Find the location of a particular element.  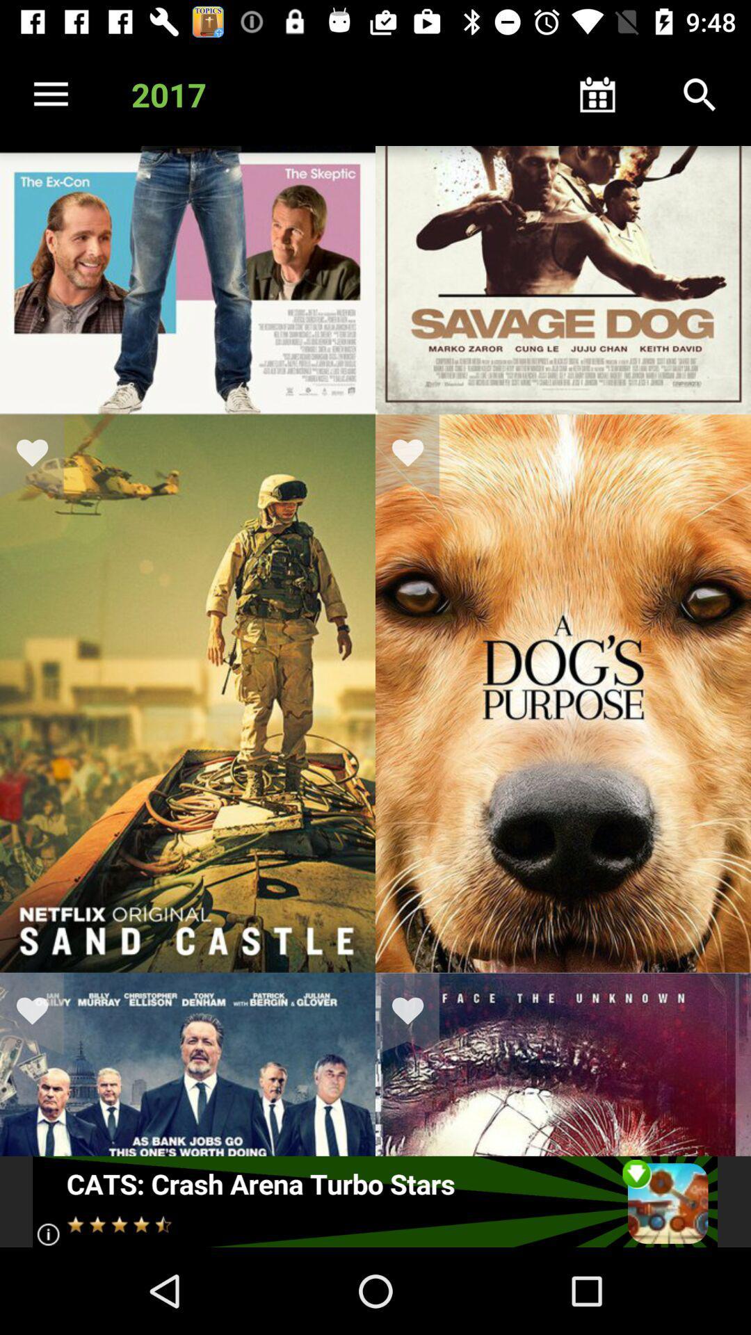

tap to open the advertisement is located at coordinates (374, 1201).